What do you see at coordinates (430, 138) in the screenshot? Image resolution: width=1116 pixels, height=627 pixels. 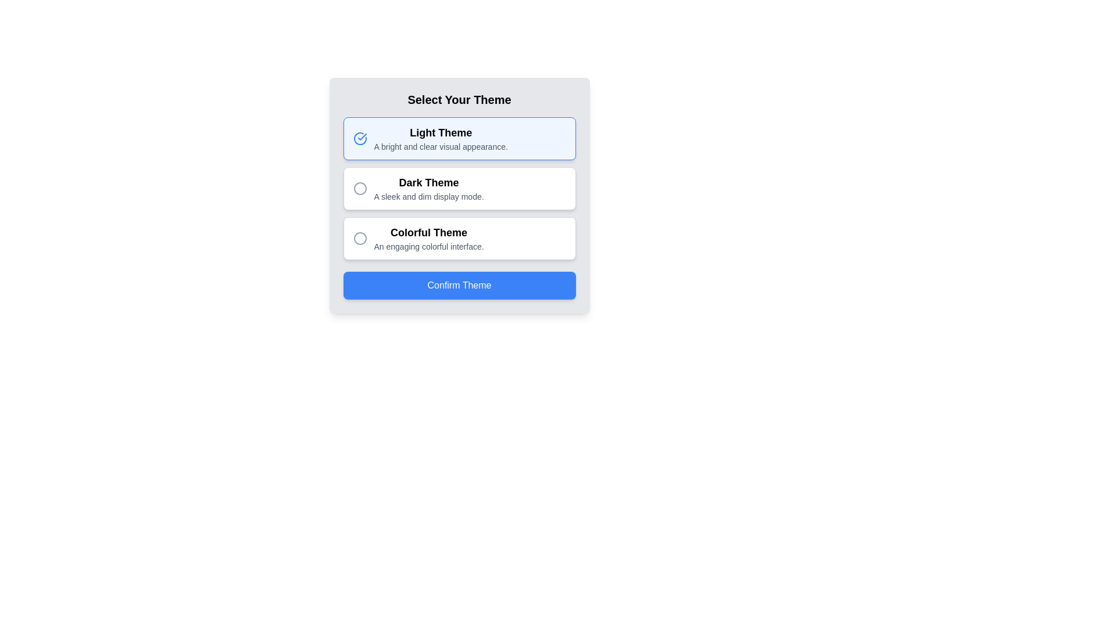 I see `the 'Light Theme' text element with the associated blue checkmark icon located within the first option in the list of theme selections` at bounding box center [430, 138].